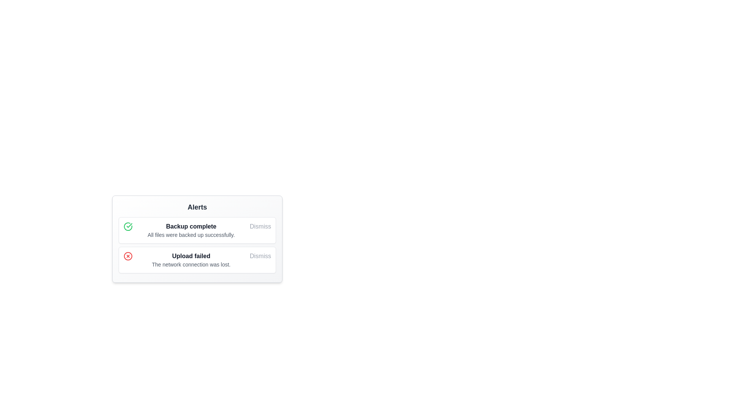 The image size is (730, 410). Describe the element at coordinates (193, 252) in the screenshot. I see `details of the second Notification alert box, which contains a success message with a green checkmark and a red warning icon for a failure, along with dismiss buttons` at that location.